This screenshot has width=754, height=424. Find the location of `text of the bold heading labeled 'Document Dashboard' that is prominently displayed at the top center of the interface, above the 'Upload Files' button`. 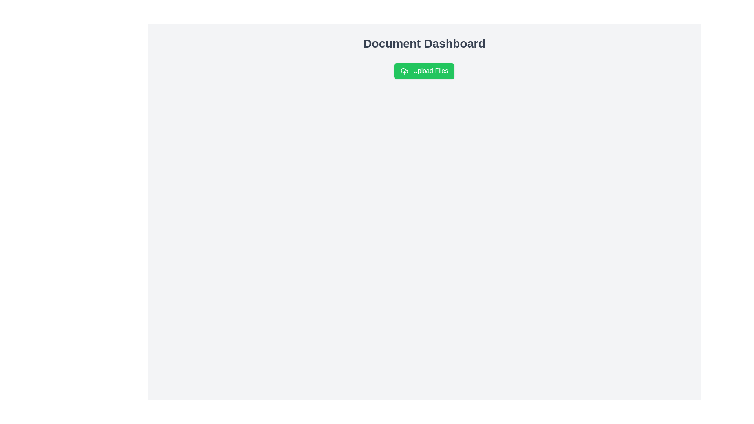

text of the bold heading labeled 'Document Dashboard' that is prominently displayed at the top center of the interface, above the 'Upload Files' button is located at coordinates (424, 44).